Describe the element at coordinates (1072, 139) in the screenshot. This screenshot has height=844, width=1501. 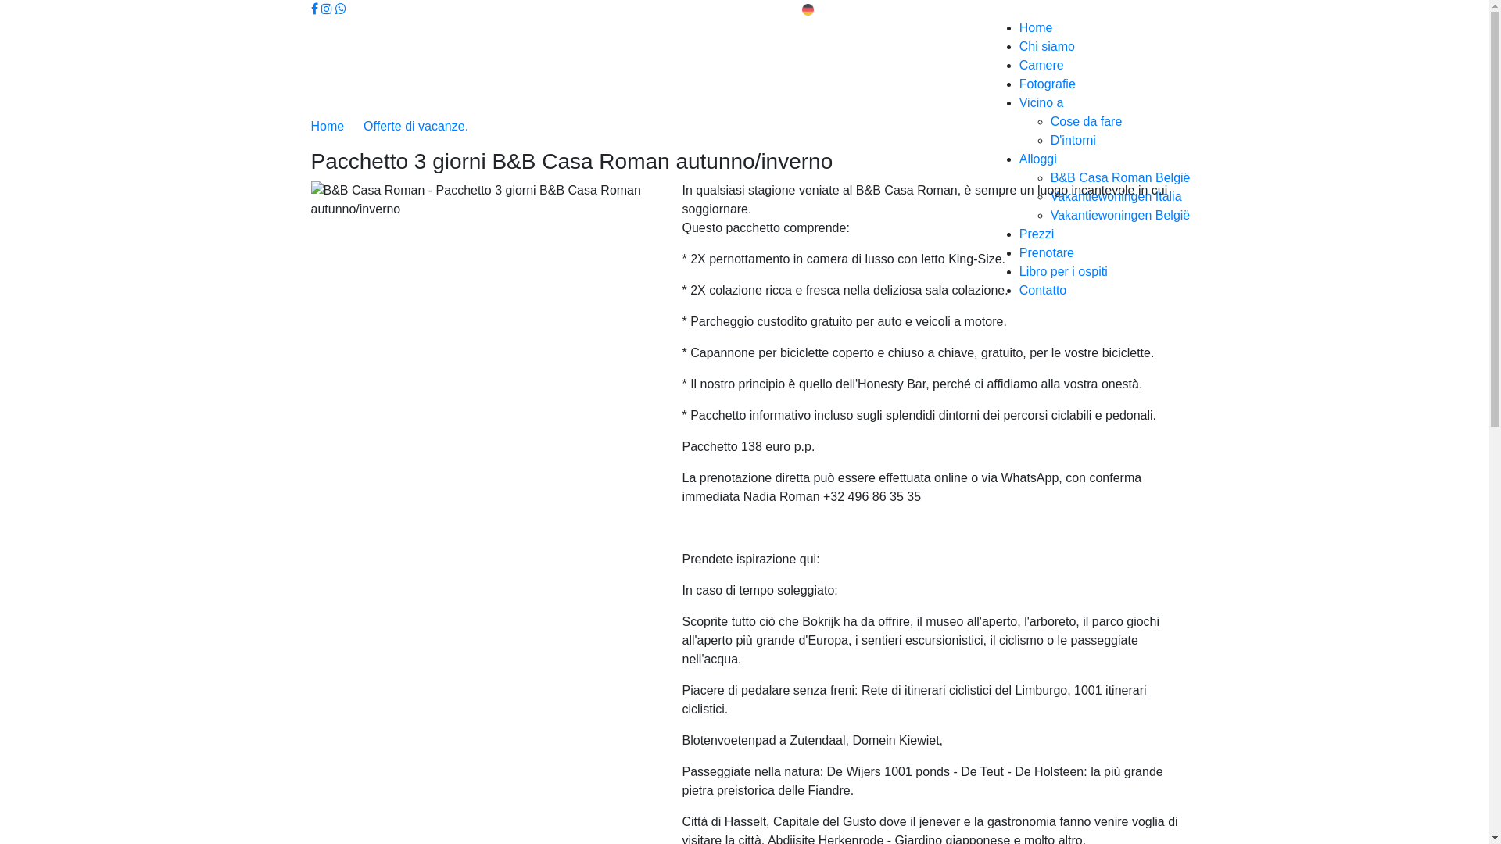
I see `'D'intorni'` at that location.